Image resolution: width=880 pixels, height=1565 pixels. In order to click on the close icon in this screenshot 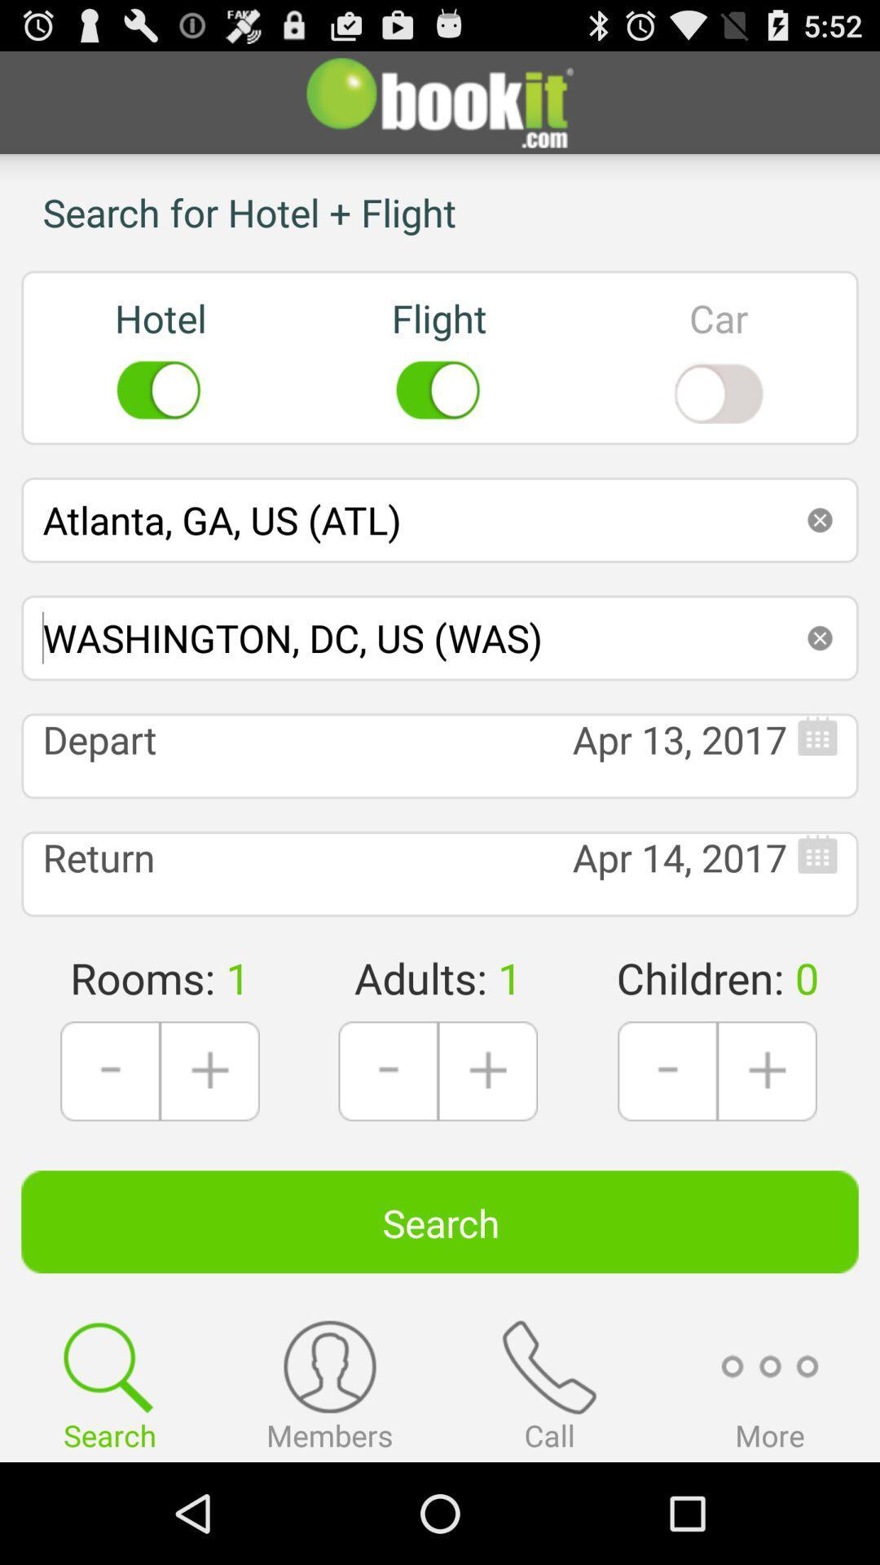, I will do `click(820, 683)`.